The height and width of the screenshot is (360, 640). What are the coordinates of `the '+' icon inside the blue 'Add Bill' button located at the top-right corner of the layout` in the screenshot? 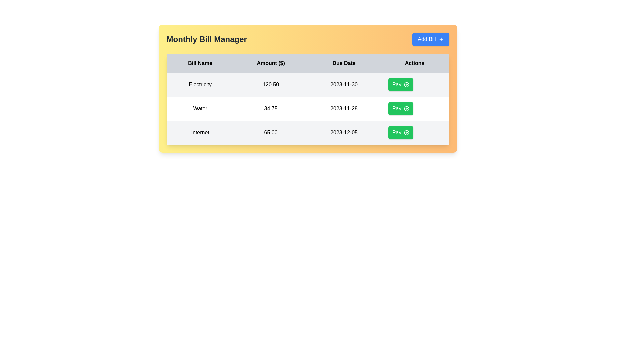 It's located at (441, 39).